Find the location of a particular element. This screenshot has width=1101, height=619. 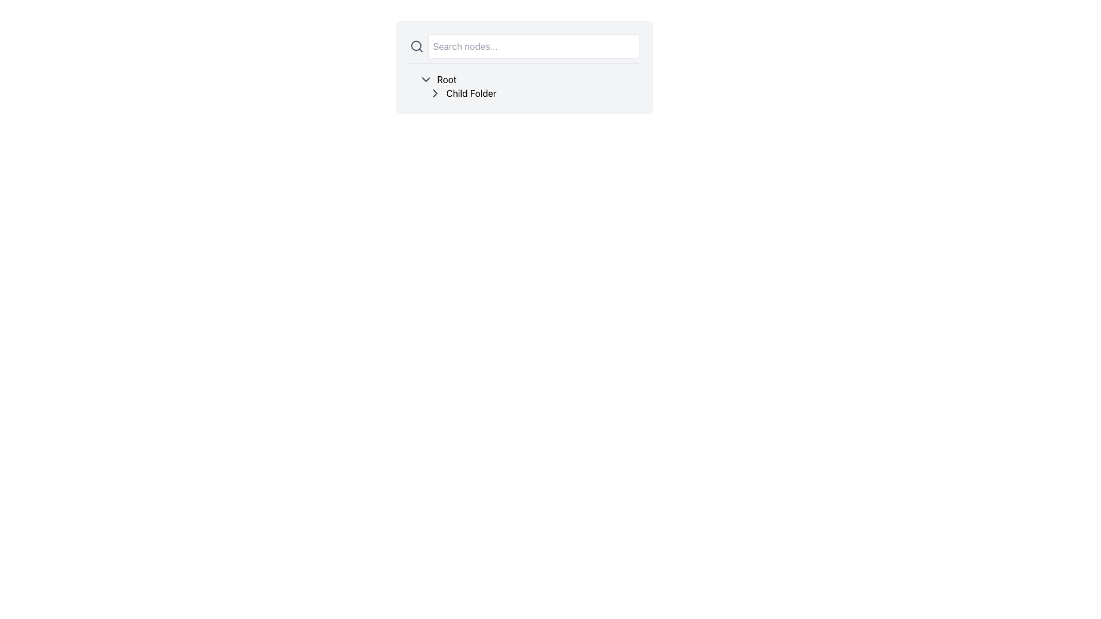

the small circle graphic element located to the left of the magnifying glass icon within the search bar is located at coordinates (415, 45).